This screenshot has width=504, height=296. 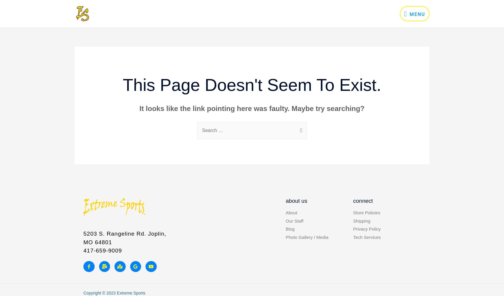 What do you see at coordinates (125, 238) in the screenshot?
I see `'5203 S. Rangeline Rd.
Joplin, MO 64801'` at bounding box center [125, 238].